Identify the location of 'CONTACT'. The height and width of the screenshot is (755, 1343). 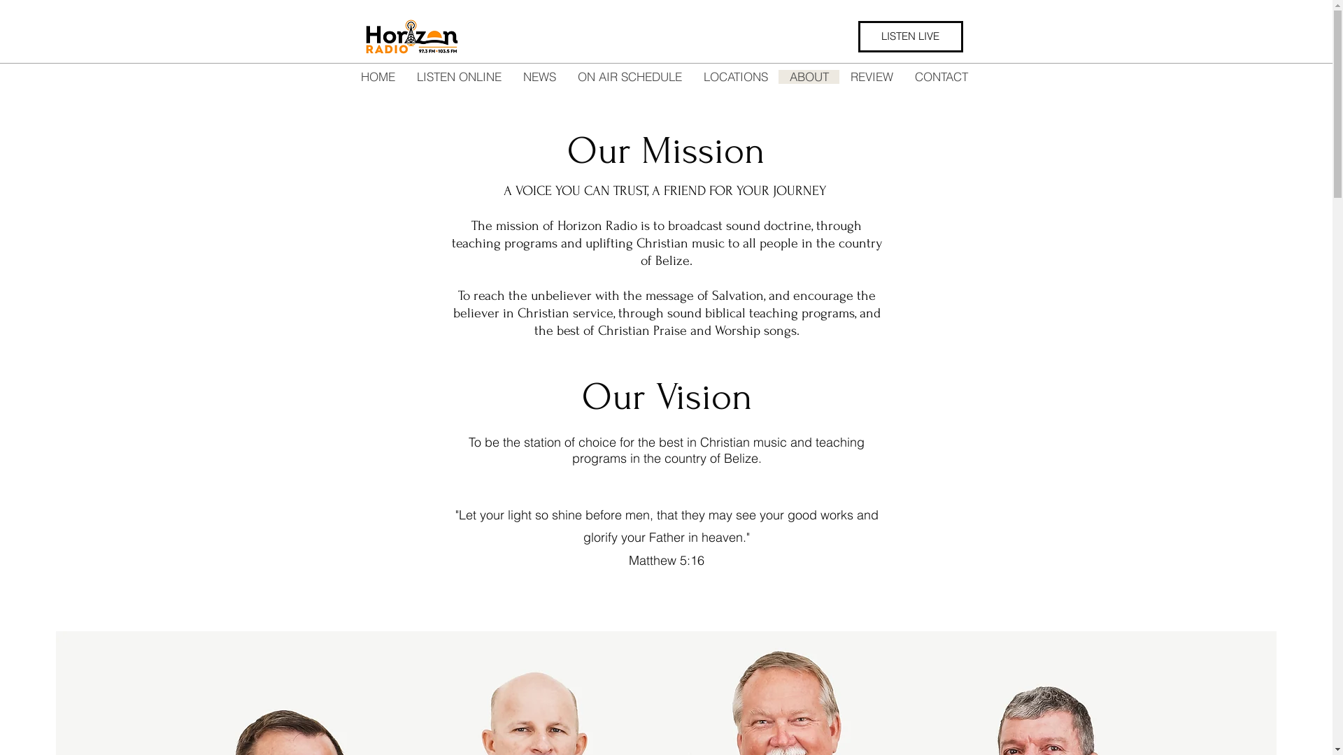
(941, 77).